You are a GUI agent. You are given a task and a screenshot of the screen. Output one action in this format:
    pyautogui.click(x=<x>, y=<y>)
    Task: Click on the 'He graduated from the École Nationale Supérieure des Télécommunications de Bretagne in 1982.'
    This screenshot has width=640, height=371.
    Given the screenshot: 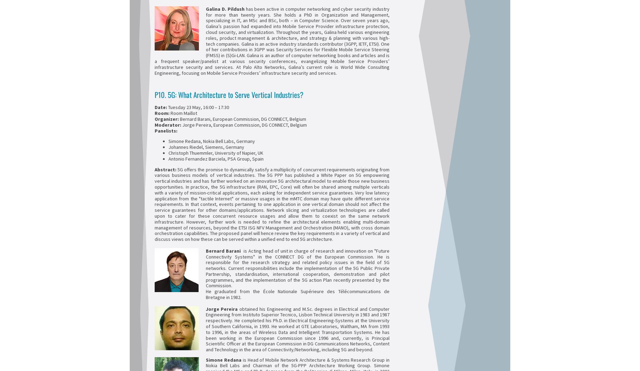 What is the action you would take?
    pyautogui.click(x=298, y=294)
    